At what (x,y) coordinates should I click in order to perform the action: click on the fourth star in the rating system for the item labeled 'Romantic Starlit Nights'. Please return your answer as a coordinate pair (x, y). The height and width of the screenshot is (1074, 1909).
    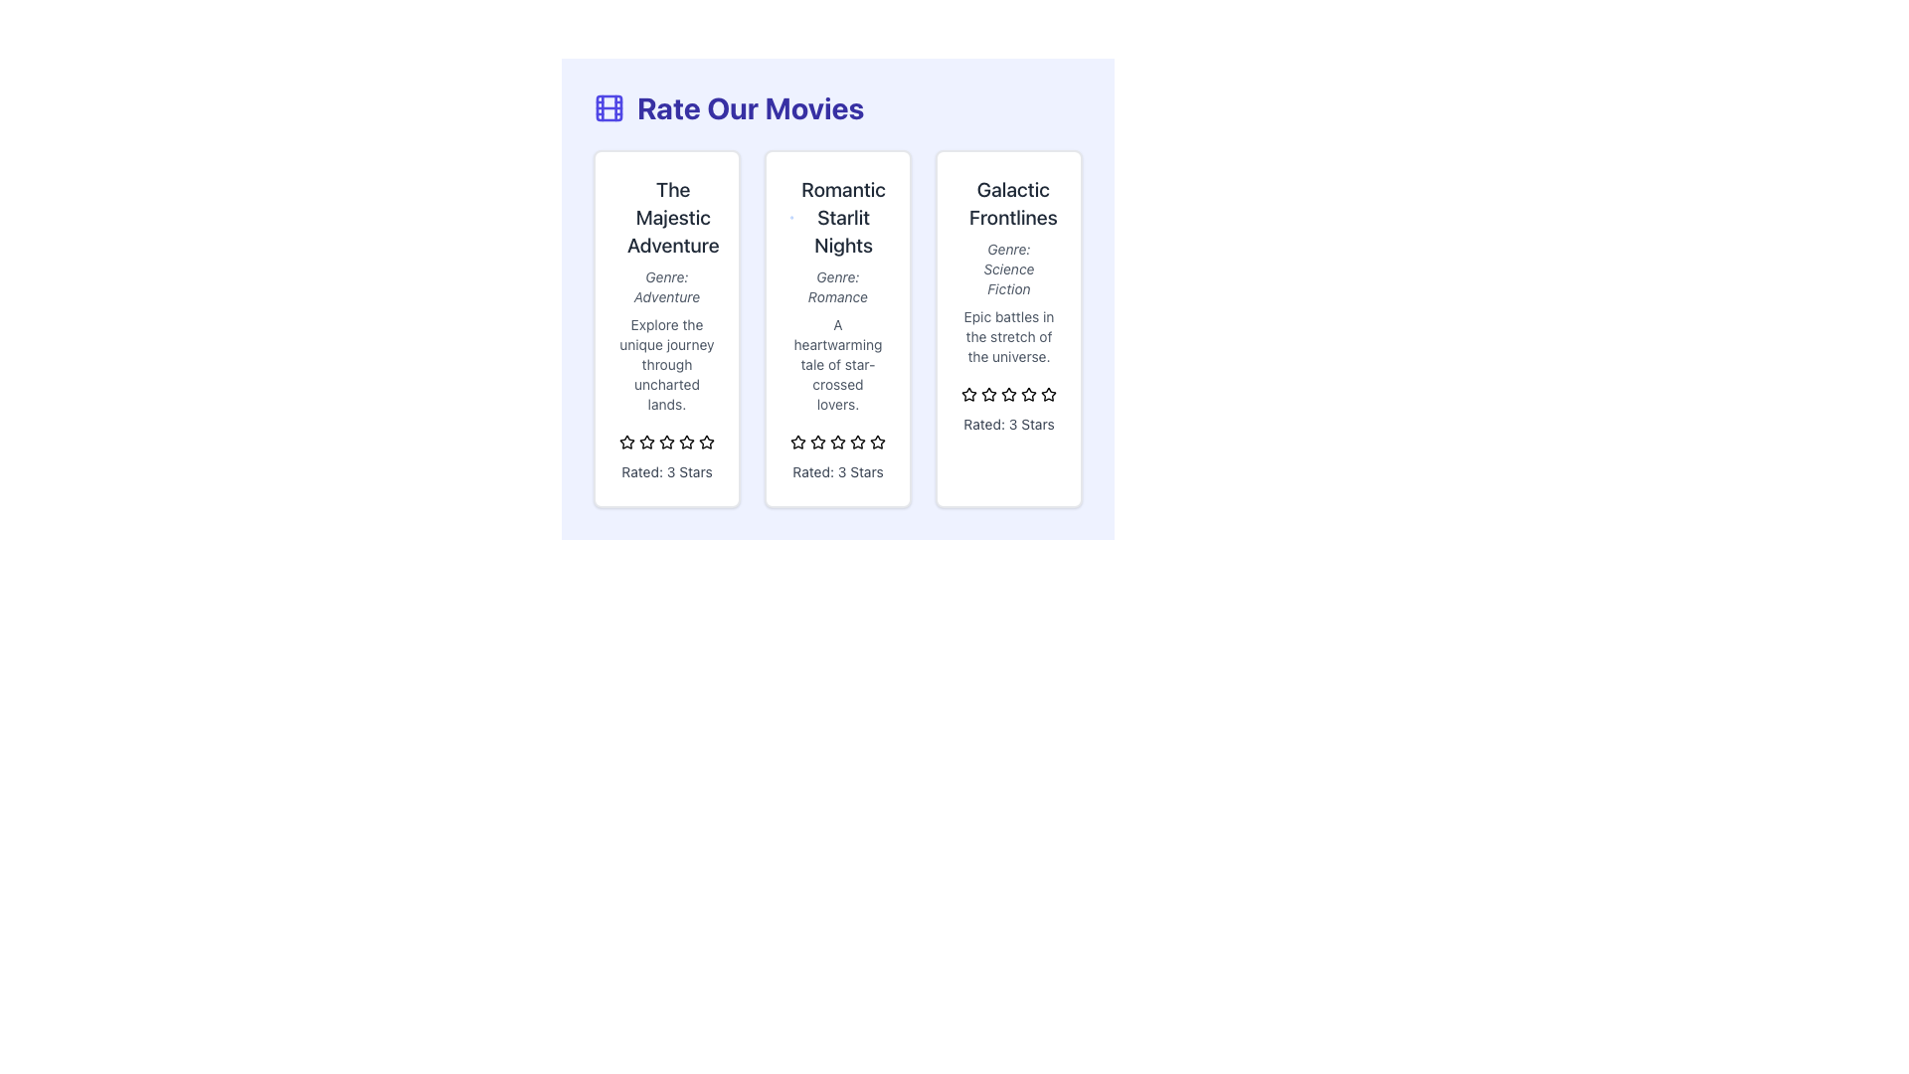
    Looking at the image, I should click on (877, 441).